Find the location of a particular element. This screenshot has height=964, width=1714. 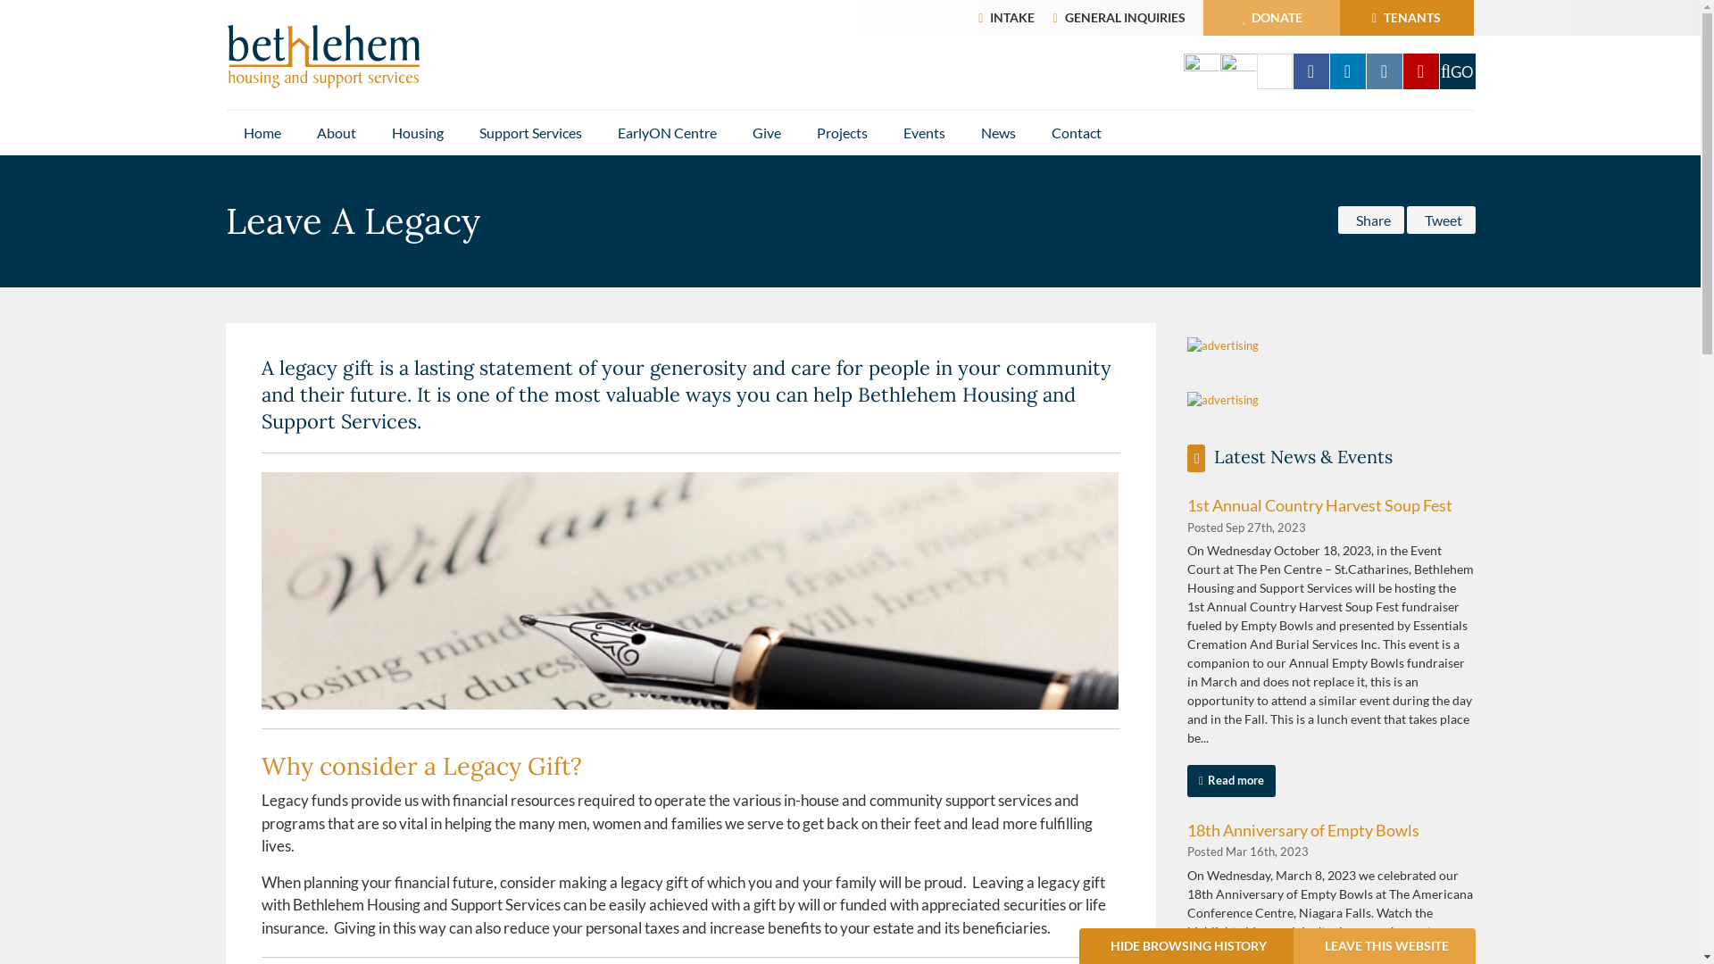

'Contact' is located at coordinates (1075, 132).